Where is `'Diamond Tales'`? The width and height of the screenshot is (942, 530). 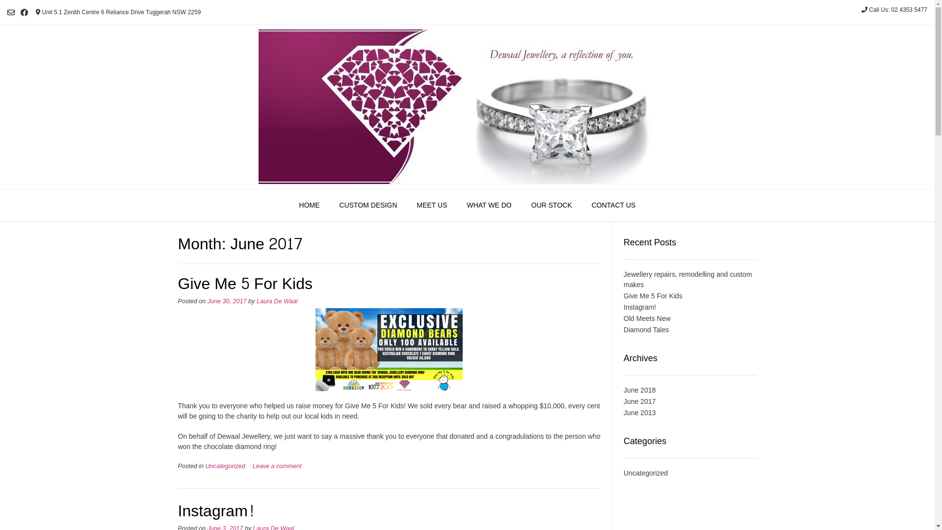 'Diamond Tales' is located at coordinates (646, 329).